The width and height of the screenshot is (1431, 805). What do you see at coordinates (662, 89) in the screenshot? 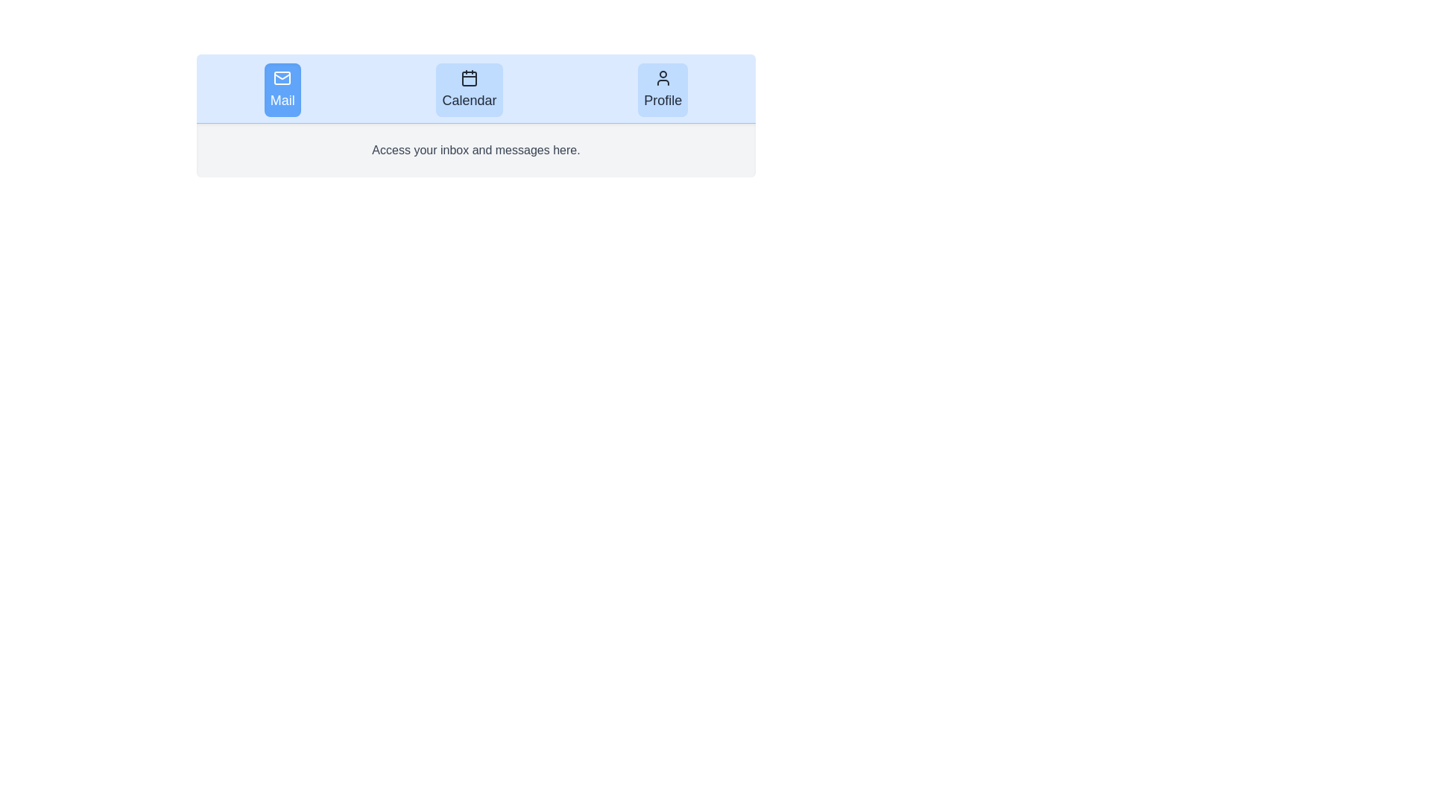
I see `the tab corresponding to Profile to view its content` at bounding box center [662, 89].